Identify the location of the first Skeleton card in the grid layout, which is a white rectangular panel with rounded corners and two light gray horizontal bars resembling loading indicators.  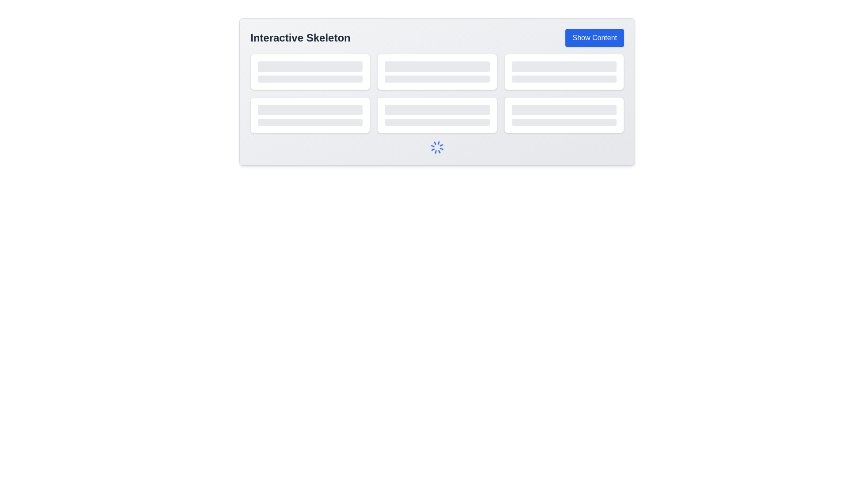
(310, 71).